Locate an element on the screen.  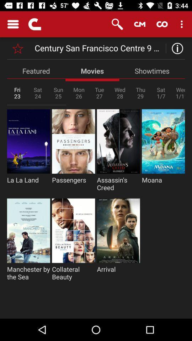
open information menu is located at coordinates (175, 48).